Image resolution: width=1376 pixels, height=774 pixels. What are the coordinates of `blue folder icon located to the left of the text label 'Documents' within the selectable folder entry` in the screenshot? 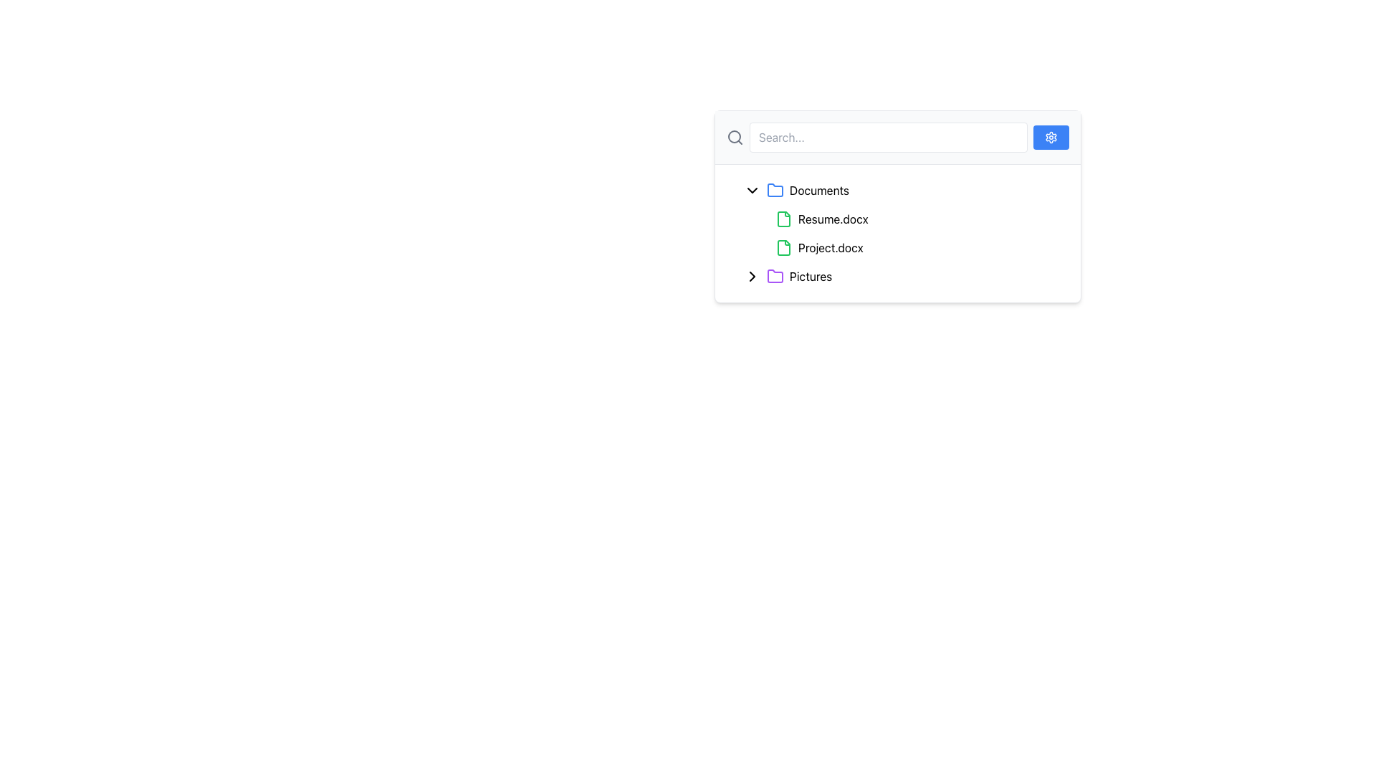 It's located at (774, 190).